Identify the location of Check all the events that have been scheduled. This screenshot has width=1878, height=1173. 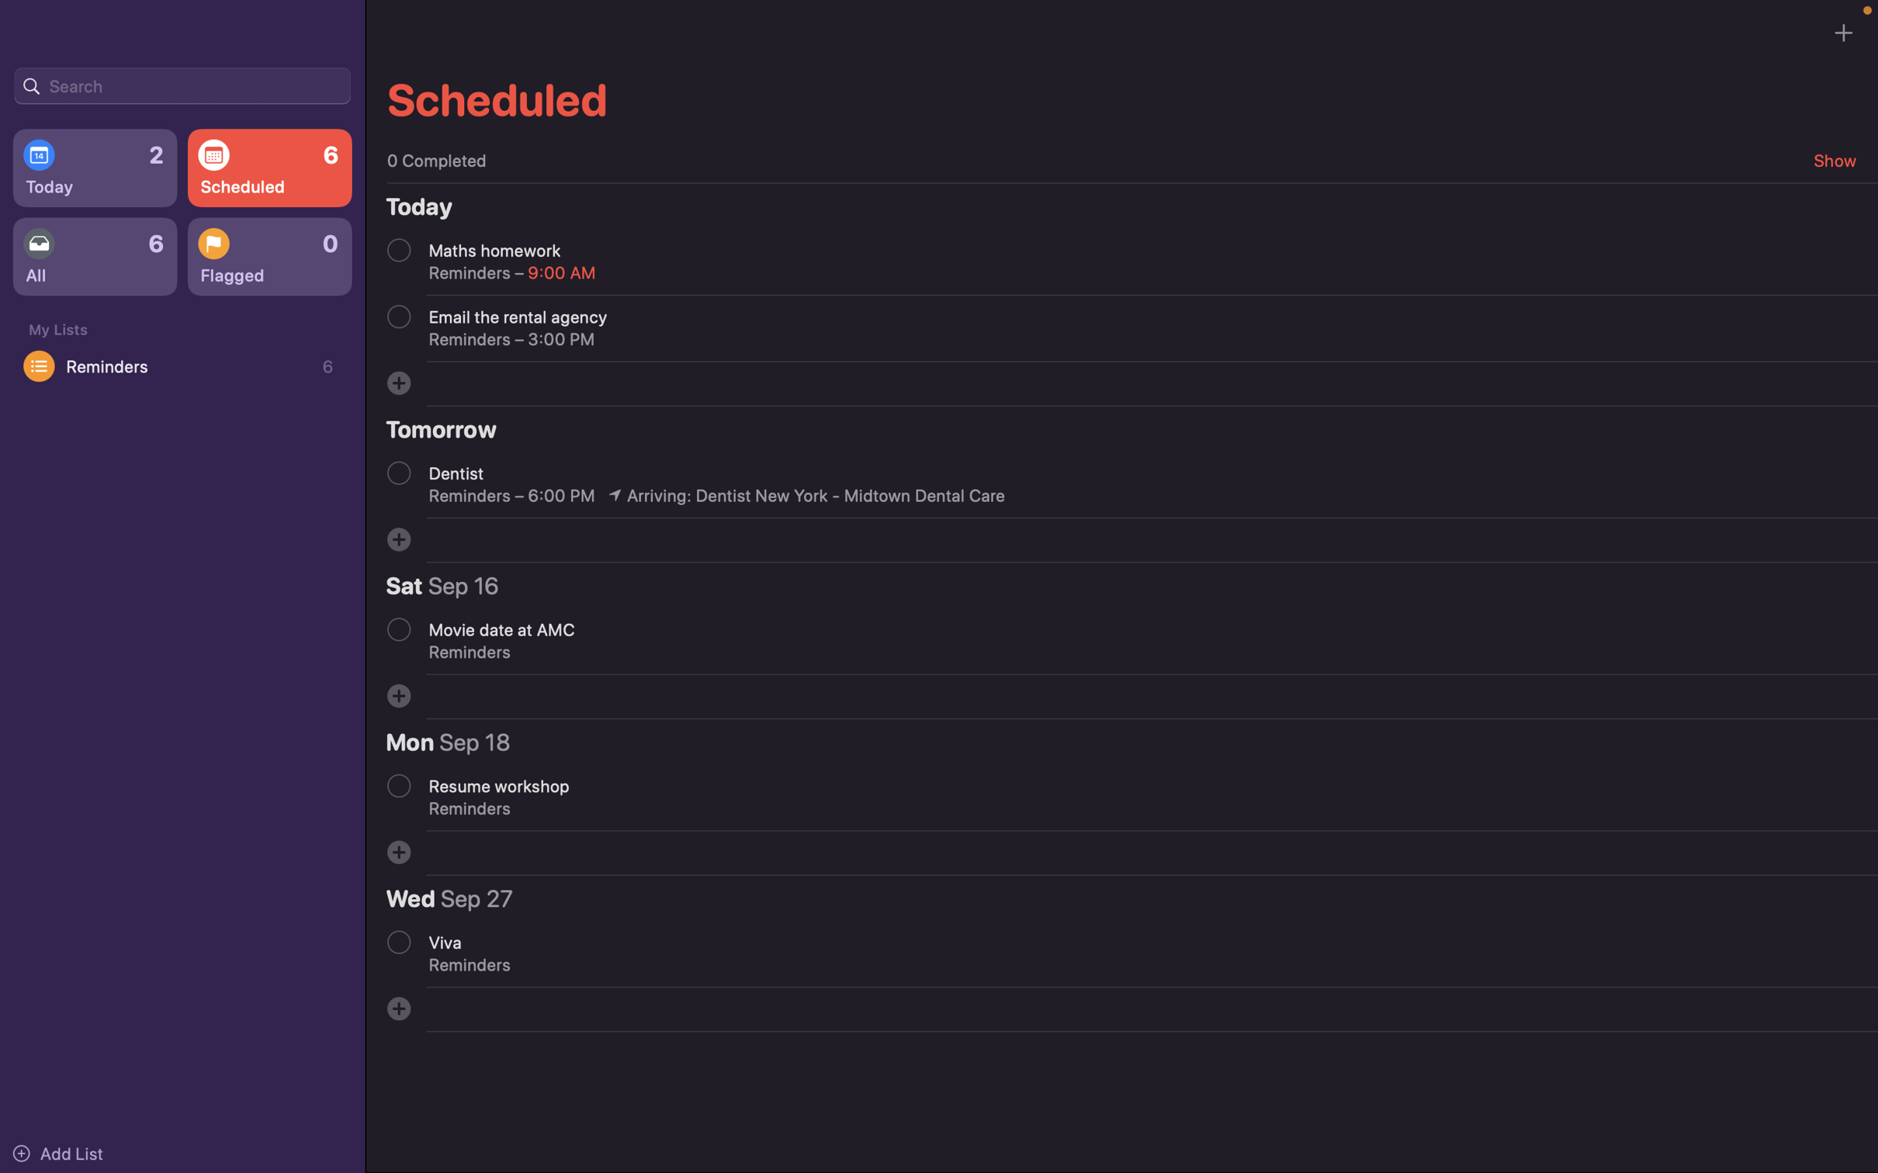
(268, 167).